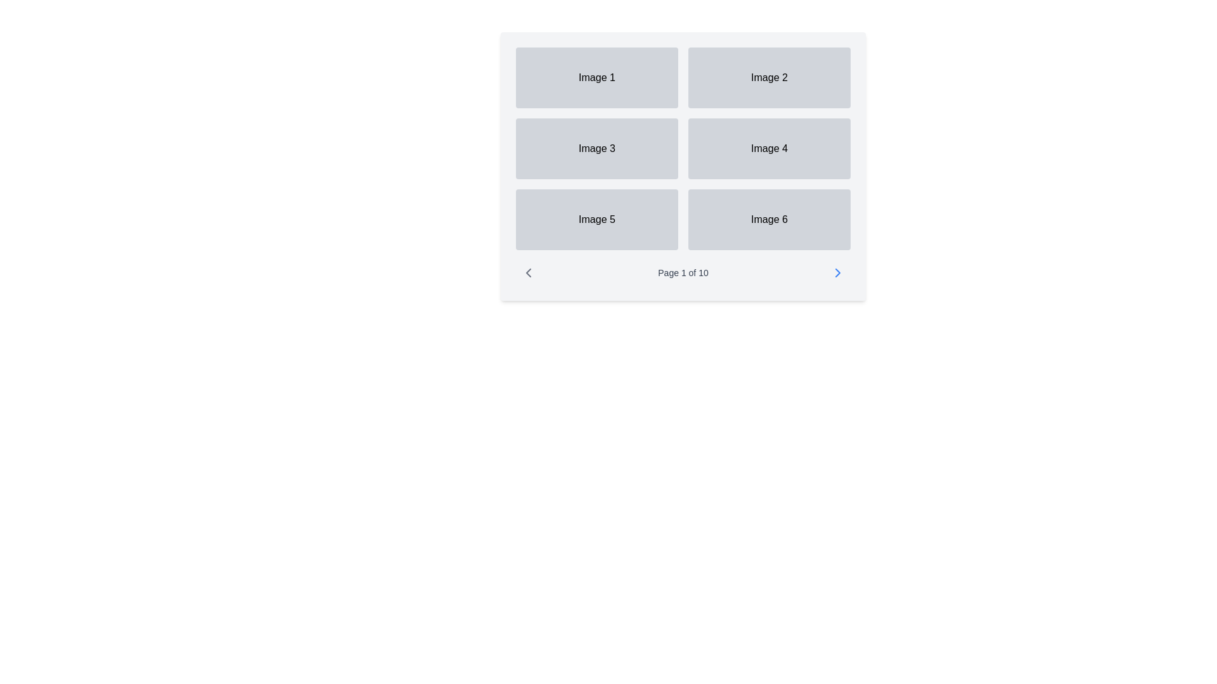 This screenshot has height=684, width=1217. I want to click on the text label indicating the current page number and total page count in the pagination section, located between two arrow icons, so click(683, 272).